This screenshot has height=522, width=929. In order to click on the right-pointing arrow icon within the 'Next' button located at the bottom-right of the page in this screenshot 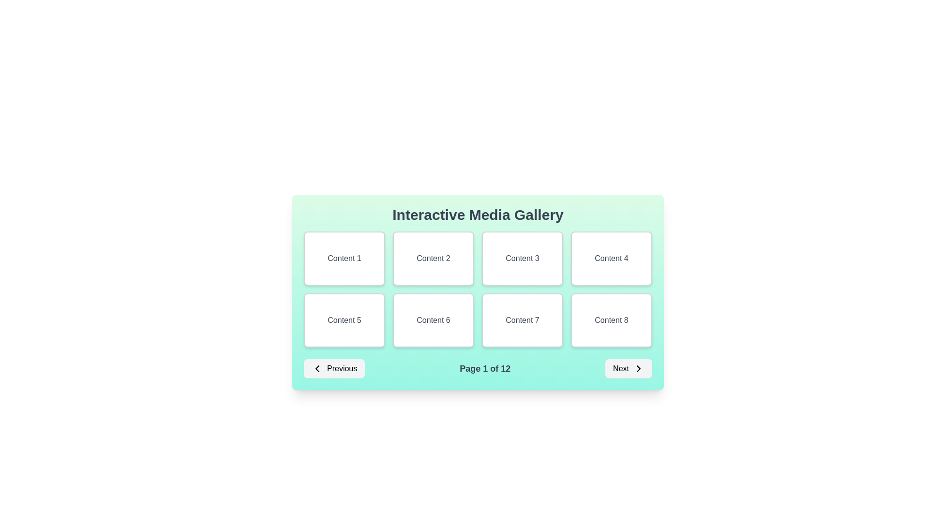, I will do `click(639, 369)`.